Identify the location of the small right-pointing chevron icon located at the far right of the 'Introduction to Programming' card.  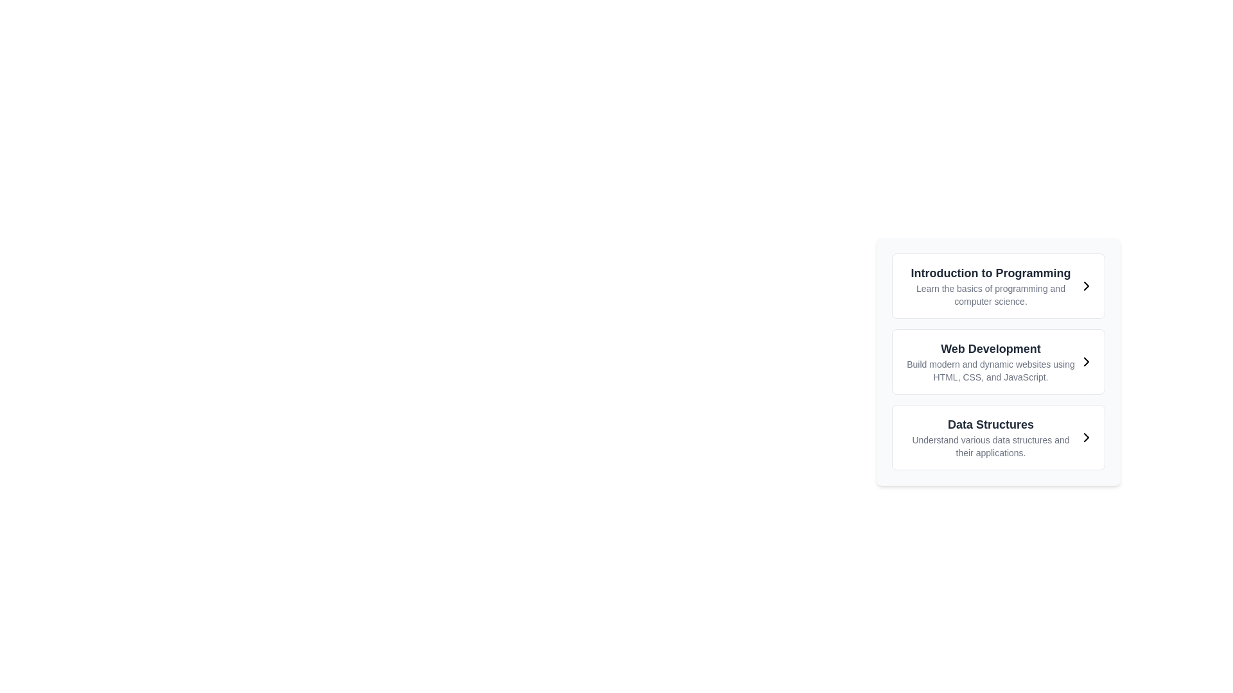
(1085, 286).